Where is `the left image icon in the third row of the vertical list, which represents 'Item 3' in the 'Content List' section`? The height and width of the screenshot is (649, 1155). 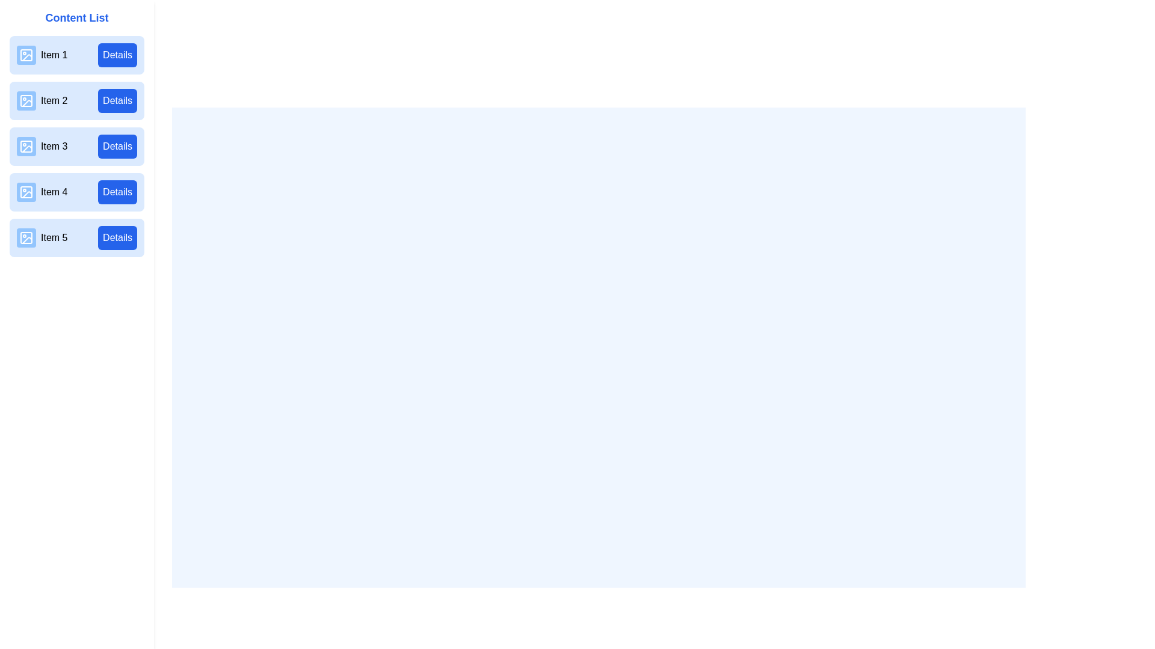
the left image icon in the third row of the vertical list, which represents 'Item 3' in the 'Content List' section is located at coordinates (26, 145).